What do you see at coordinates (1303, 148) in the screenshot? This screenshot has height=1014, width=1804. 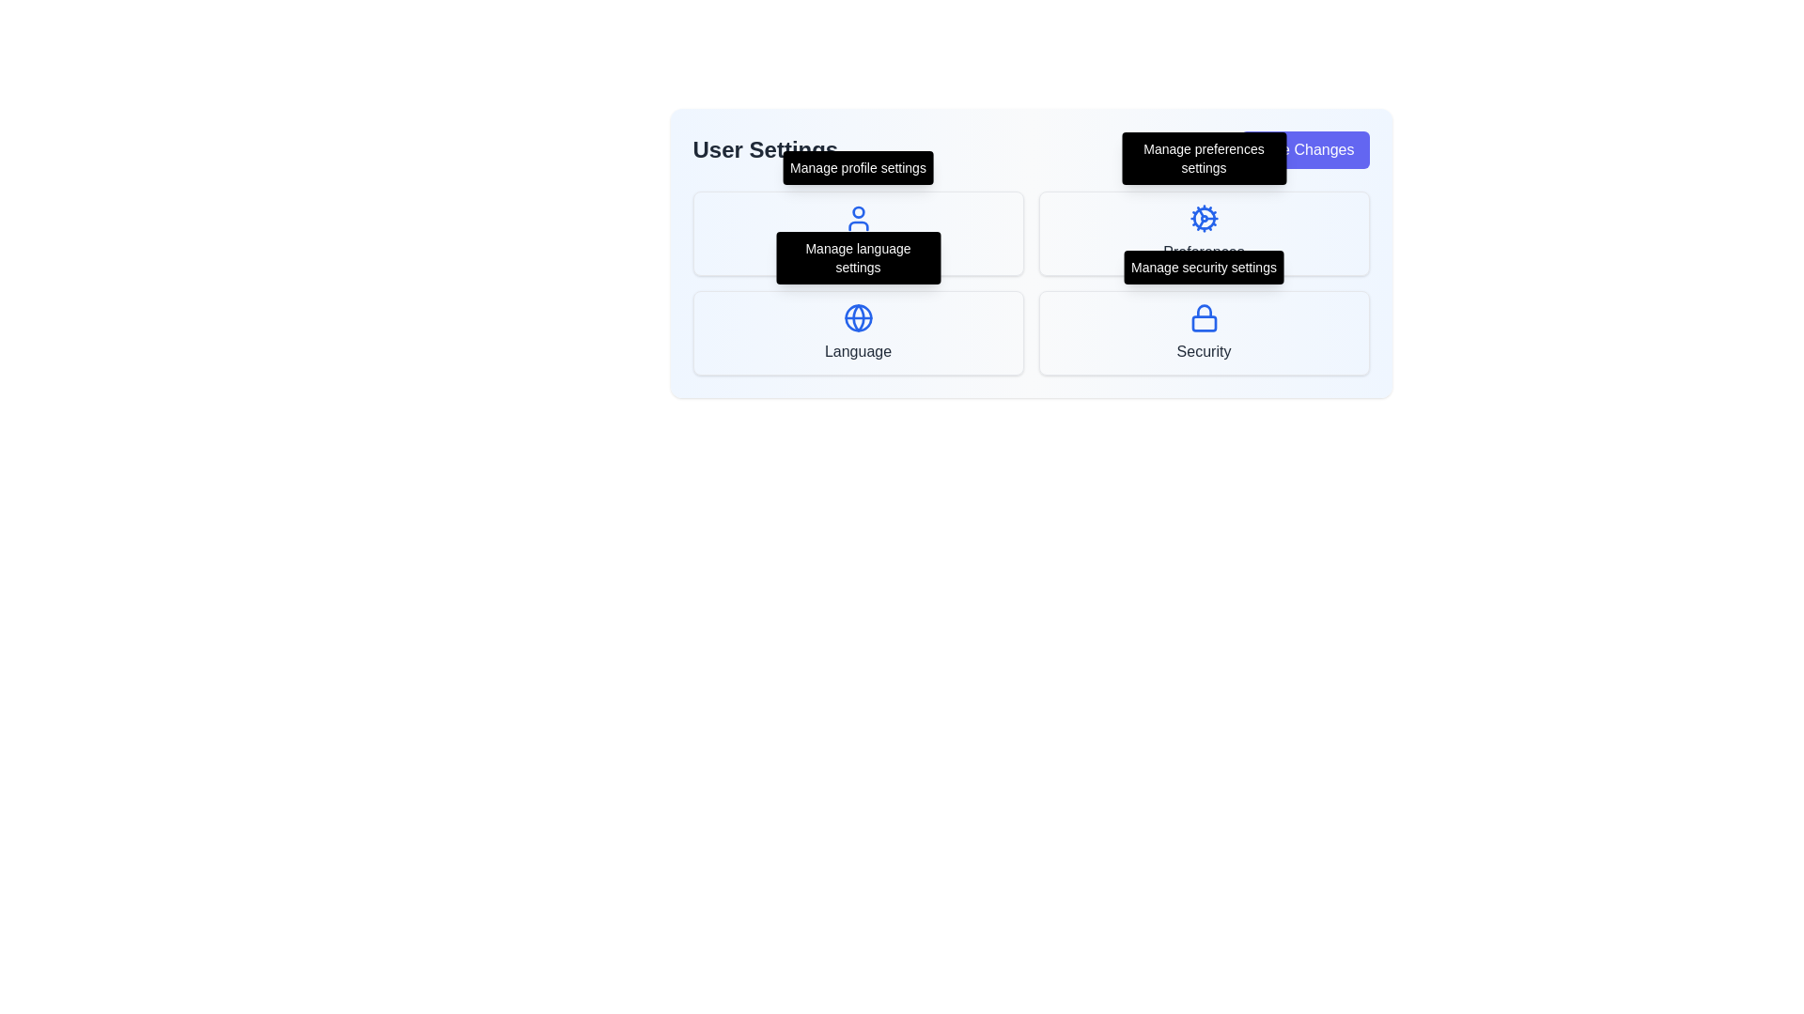 I see `the save button located to the far right in the same row as the text 'User Settings'` at bounding box center [1303, 148].